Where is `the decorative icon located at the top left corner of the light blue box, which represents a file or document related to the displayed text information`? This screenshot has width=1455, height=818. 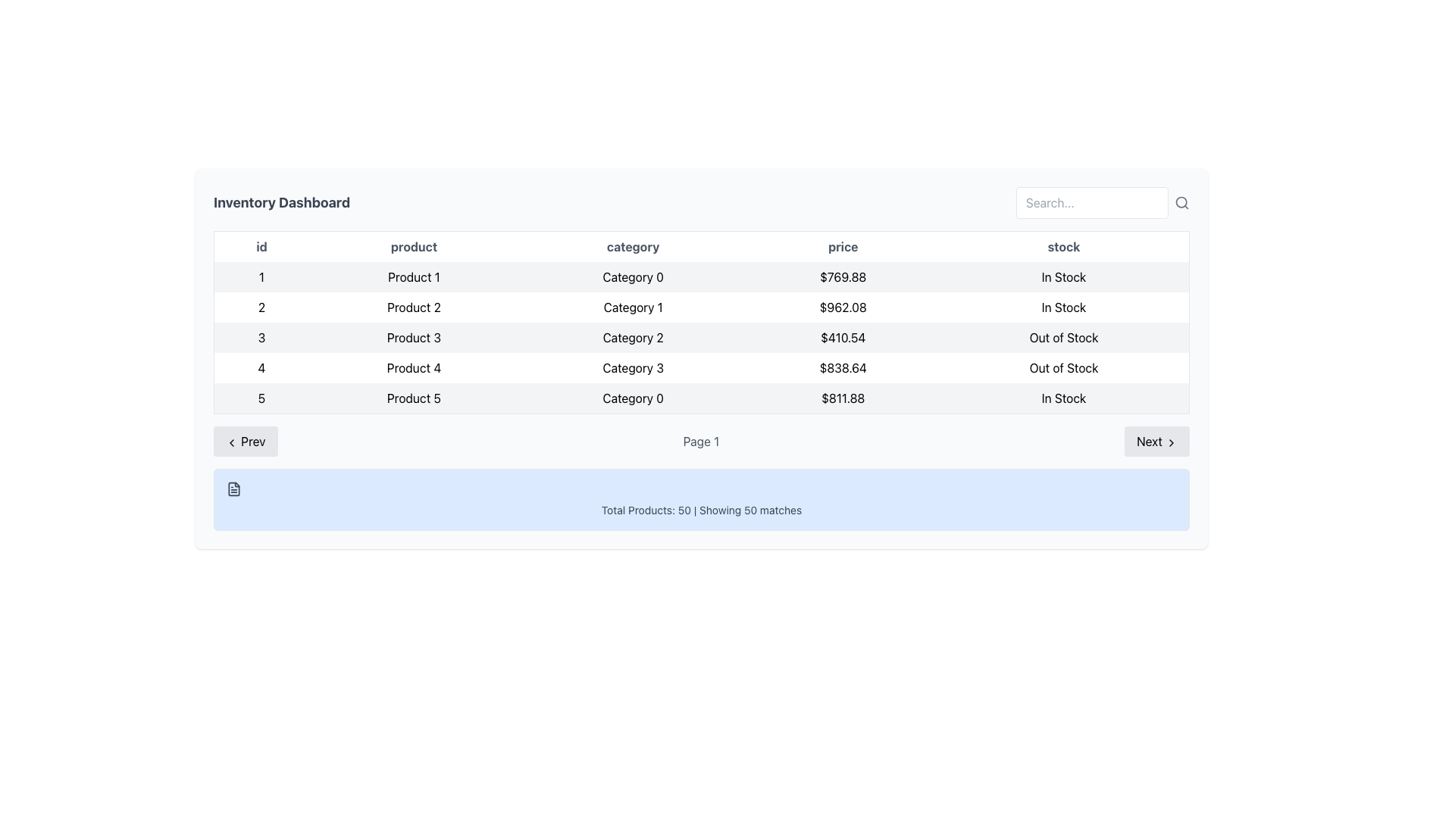
the decorative icon located at the top left corner of the light blue box, which represents a file or document related to the displayed text information is located at coordinates (233, 489).